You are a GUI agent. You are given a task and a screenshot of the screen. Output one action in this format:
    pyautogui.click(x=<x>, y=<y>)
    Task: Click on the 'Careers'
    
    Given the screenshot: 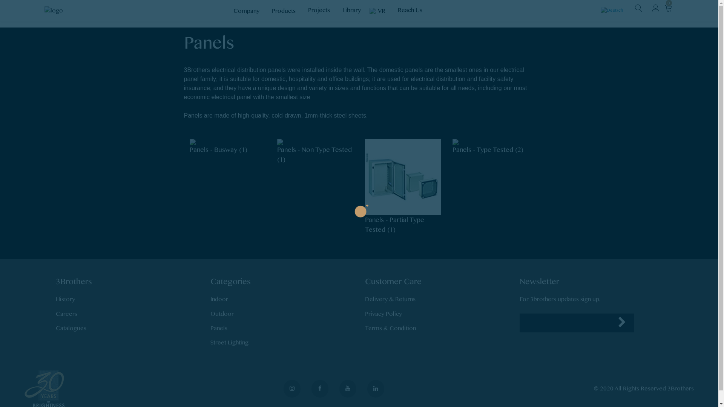 What is the action you would take?
    pyautogui.click(x=55, y=314)
    